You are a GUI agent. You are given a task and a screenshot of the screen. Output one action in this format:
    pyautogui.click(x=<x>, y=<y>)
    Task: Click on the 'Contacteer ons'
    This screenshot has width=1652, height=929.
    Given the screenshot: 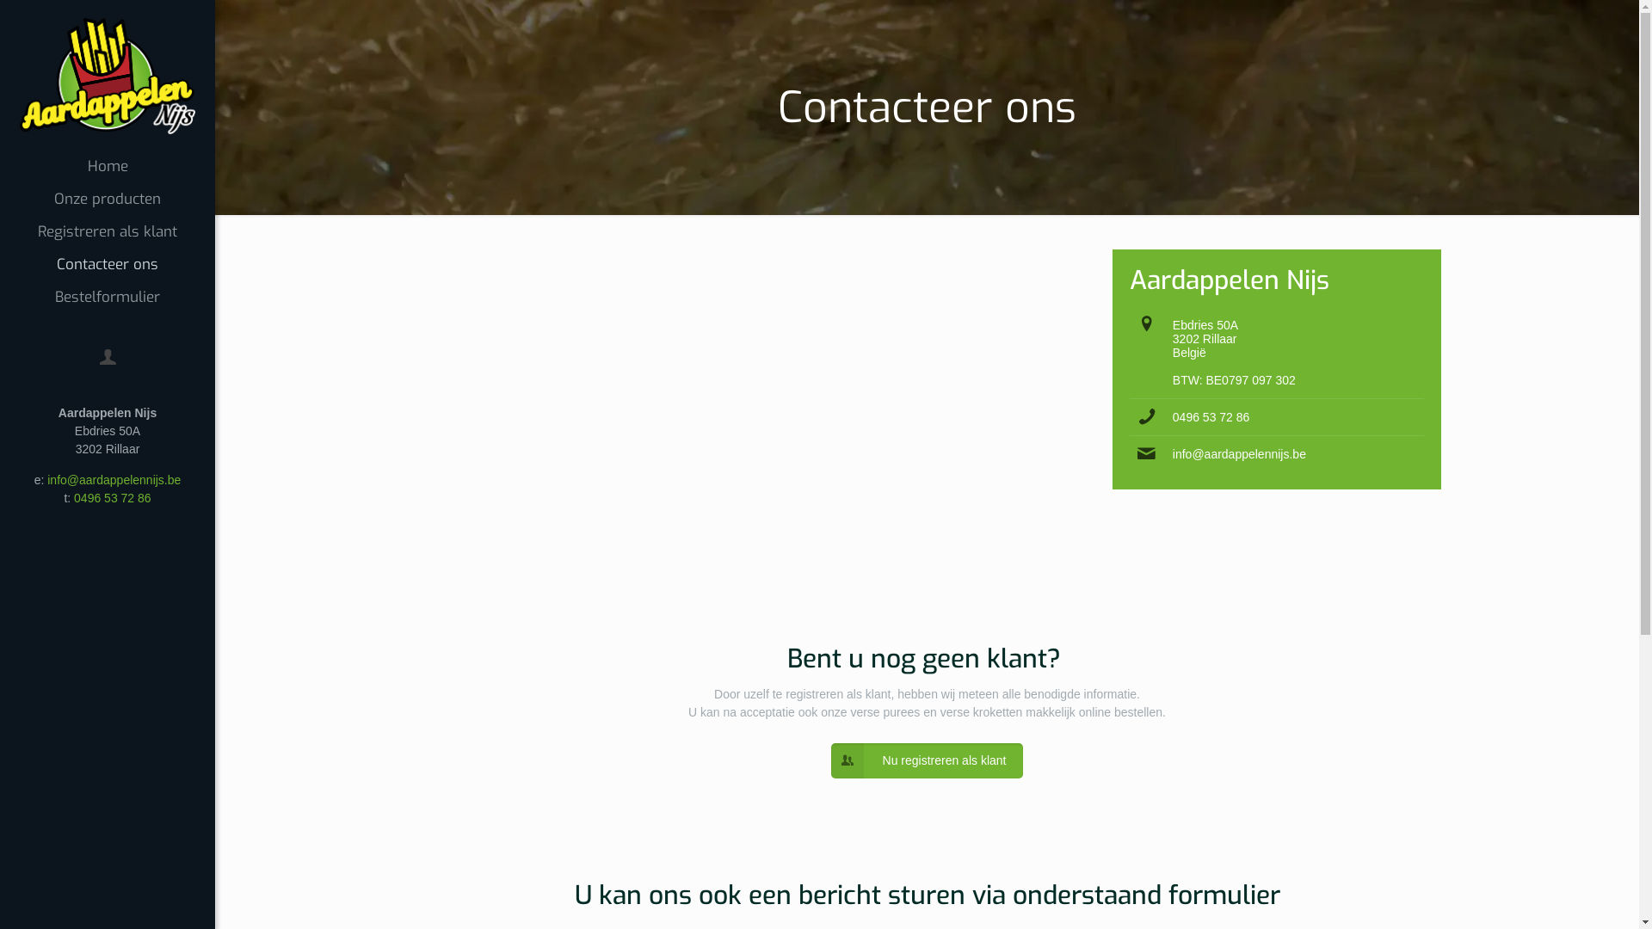 What is the action you would take?
    pyautogui.click(x=106, y=265)
    